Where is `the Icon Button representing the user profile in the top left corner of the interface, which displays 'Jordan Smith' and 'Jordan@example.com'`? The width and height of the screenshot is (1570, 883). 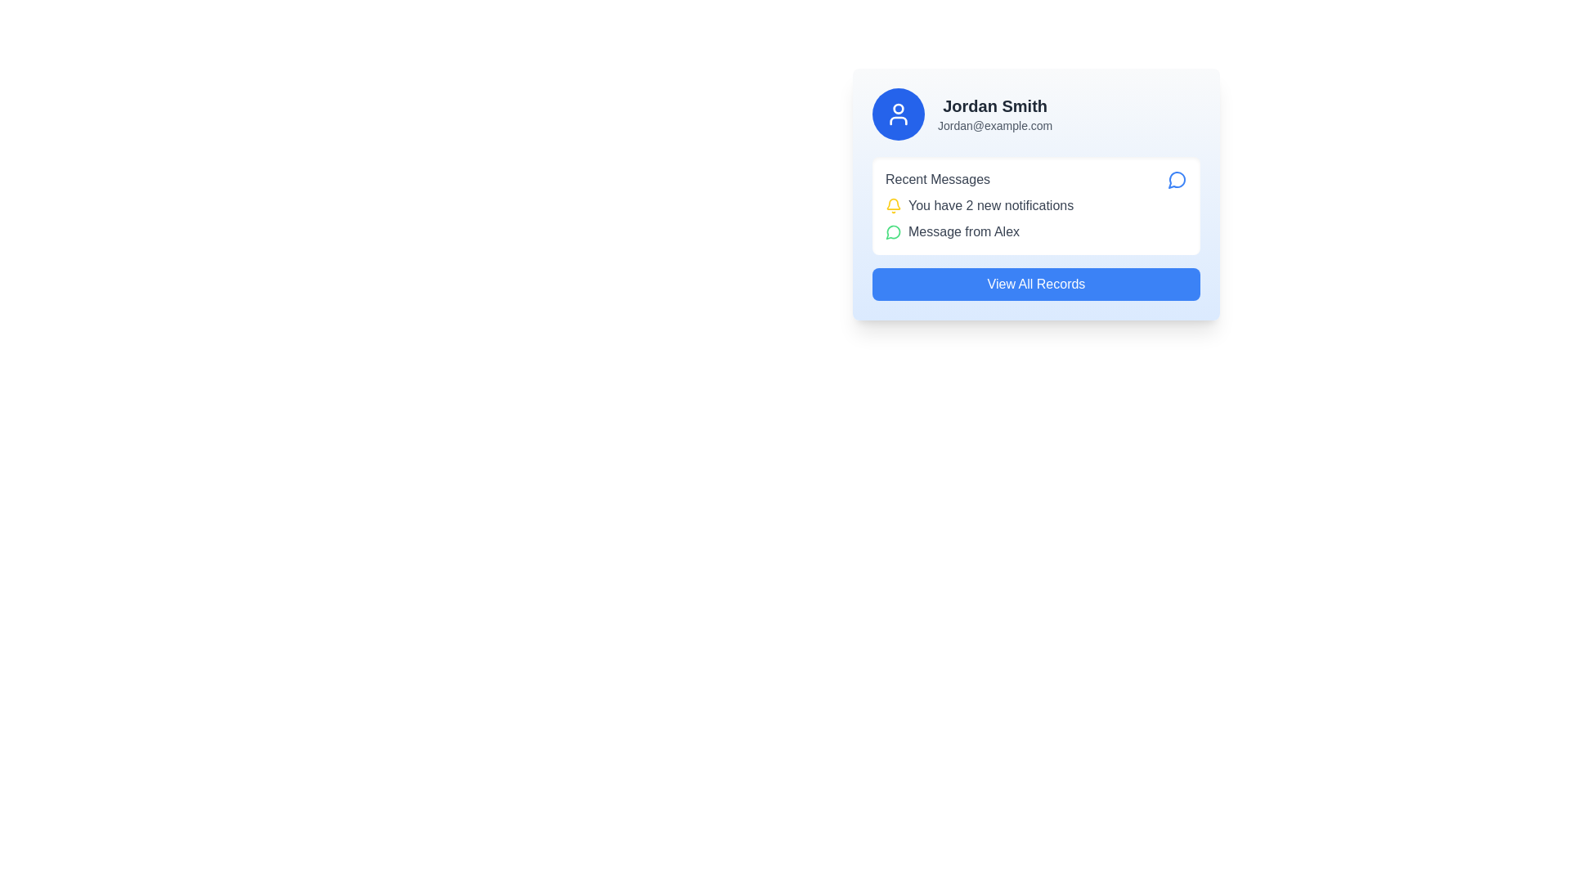 the Icon Button representing the user profile in the top left corner of the interface, which displays 'Jordan Smith' and 'Jordan@example.com' is located at coordinates (898, 113).